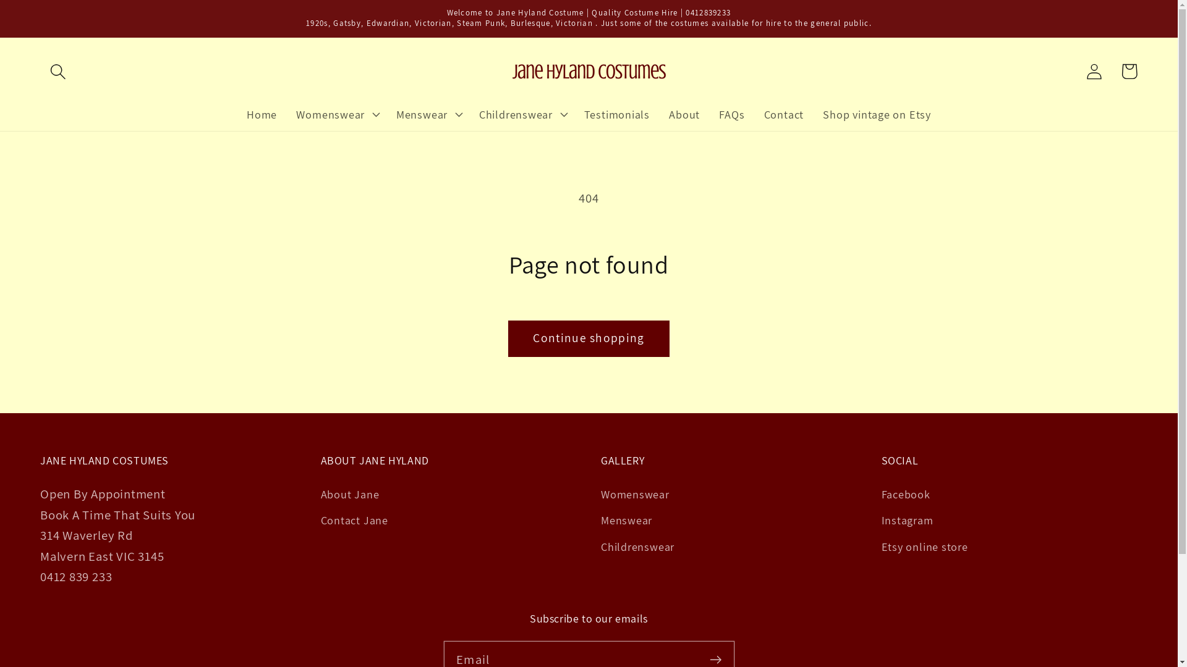 Image resolution: width=1187 pixels, height=667 pixels. I want to click on 'Menswear', so click(396, 114).